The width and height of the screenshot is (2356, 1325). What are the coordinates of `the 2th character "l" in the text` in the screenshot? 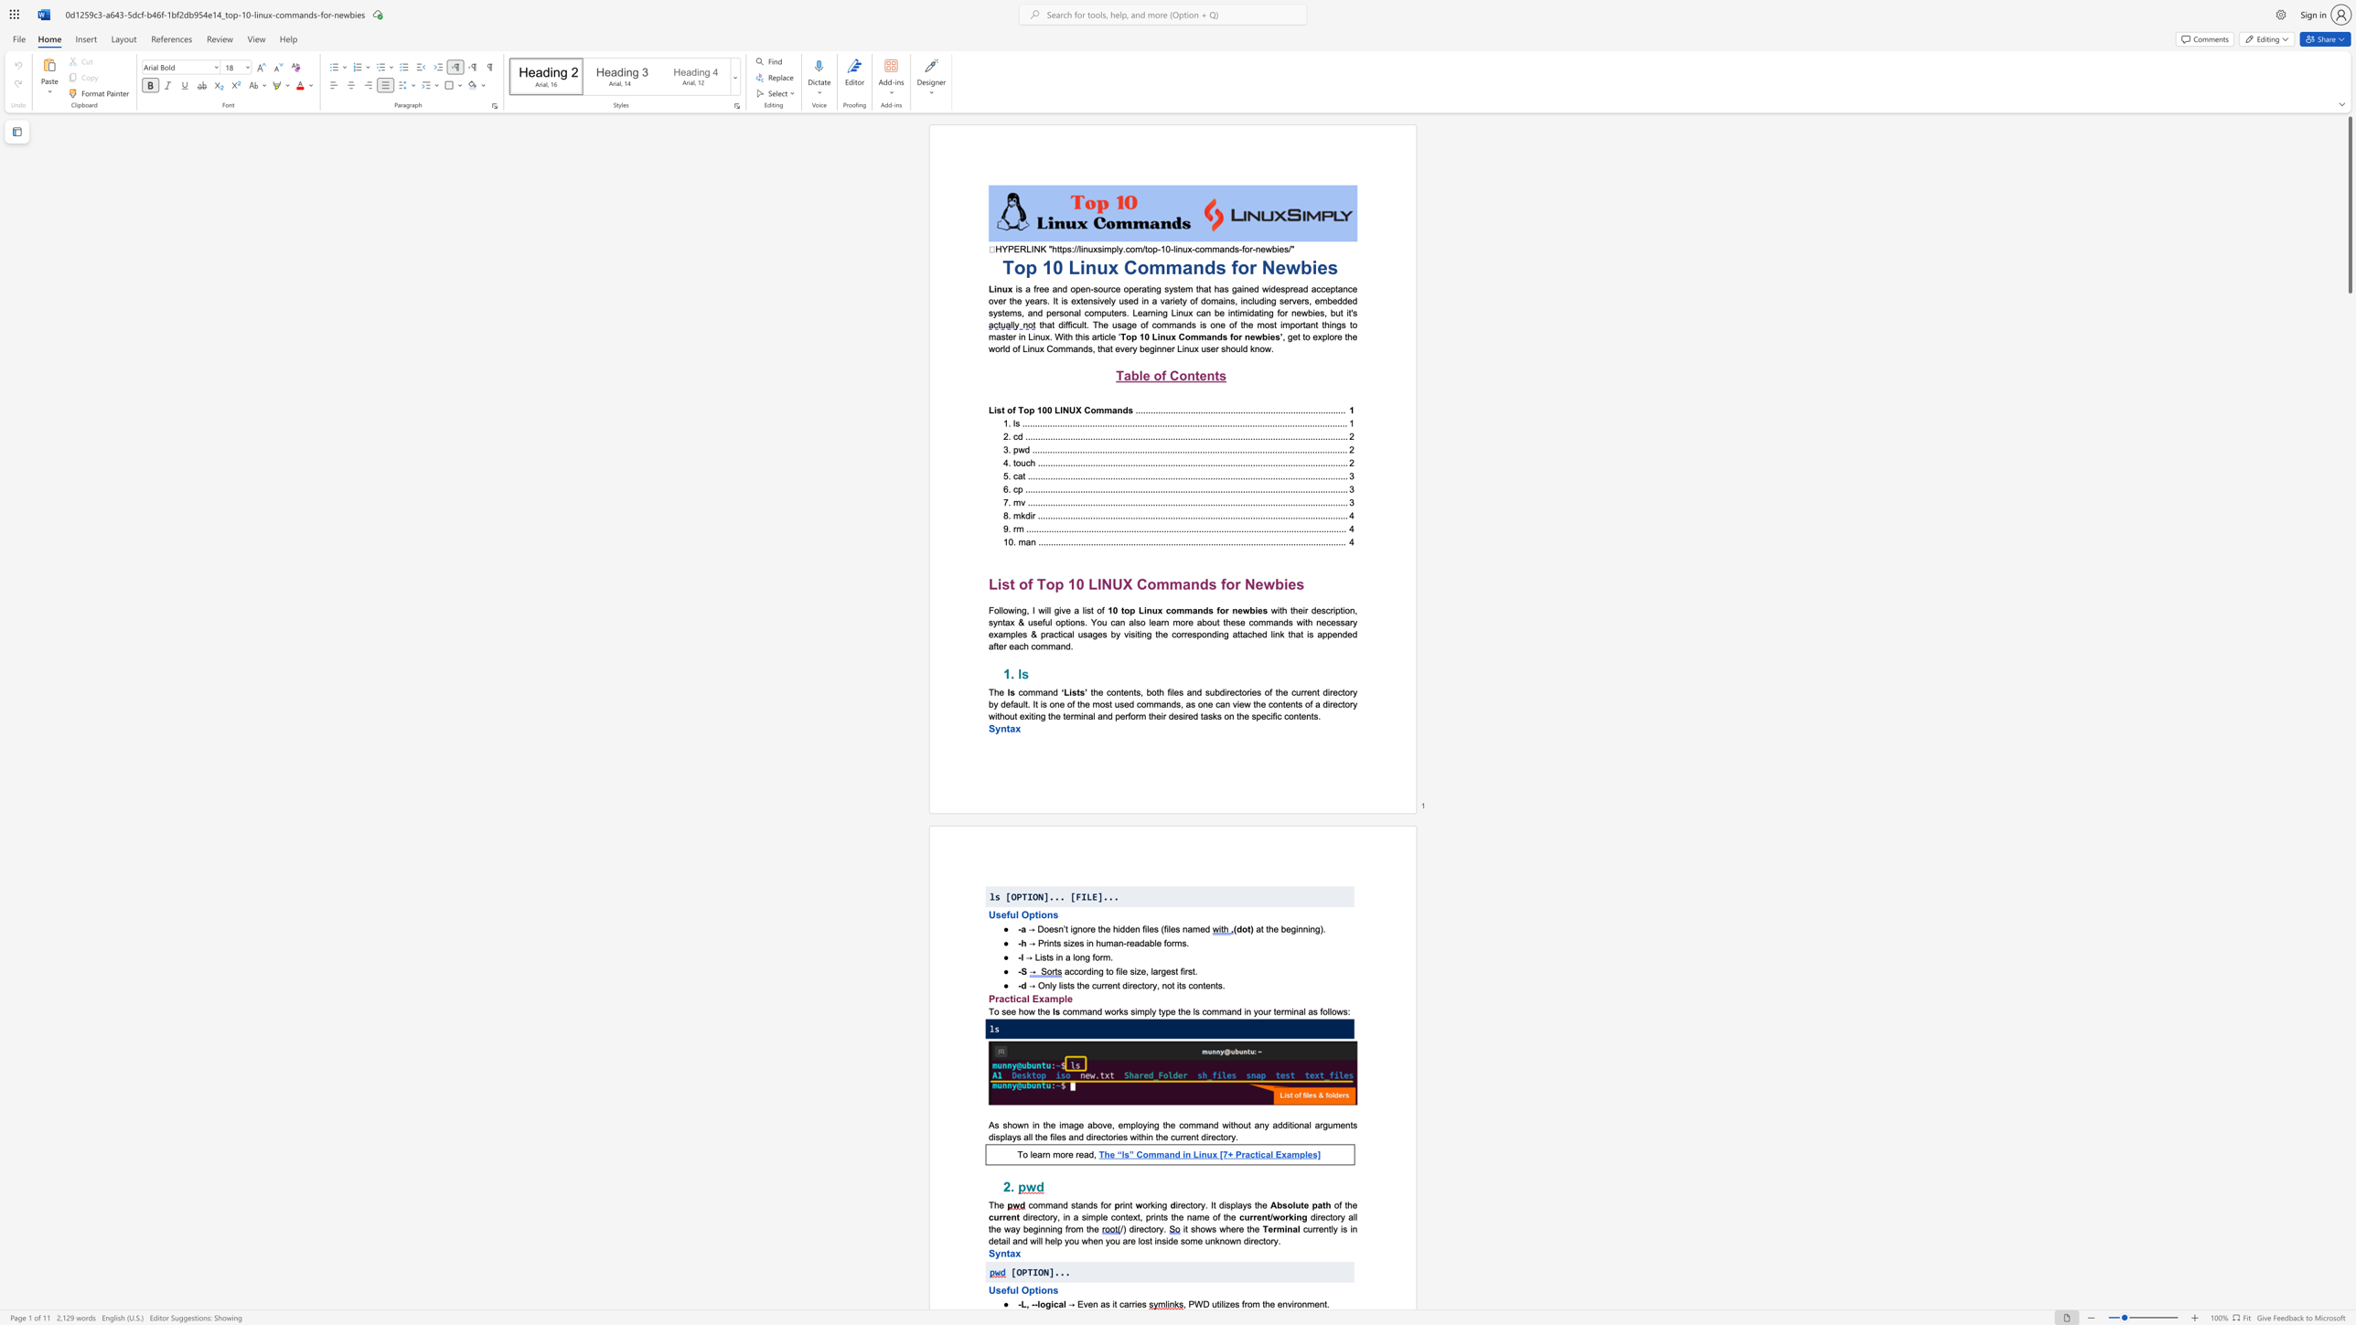 It's located at (1064, 1304).